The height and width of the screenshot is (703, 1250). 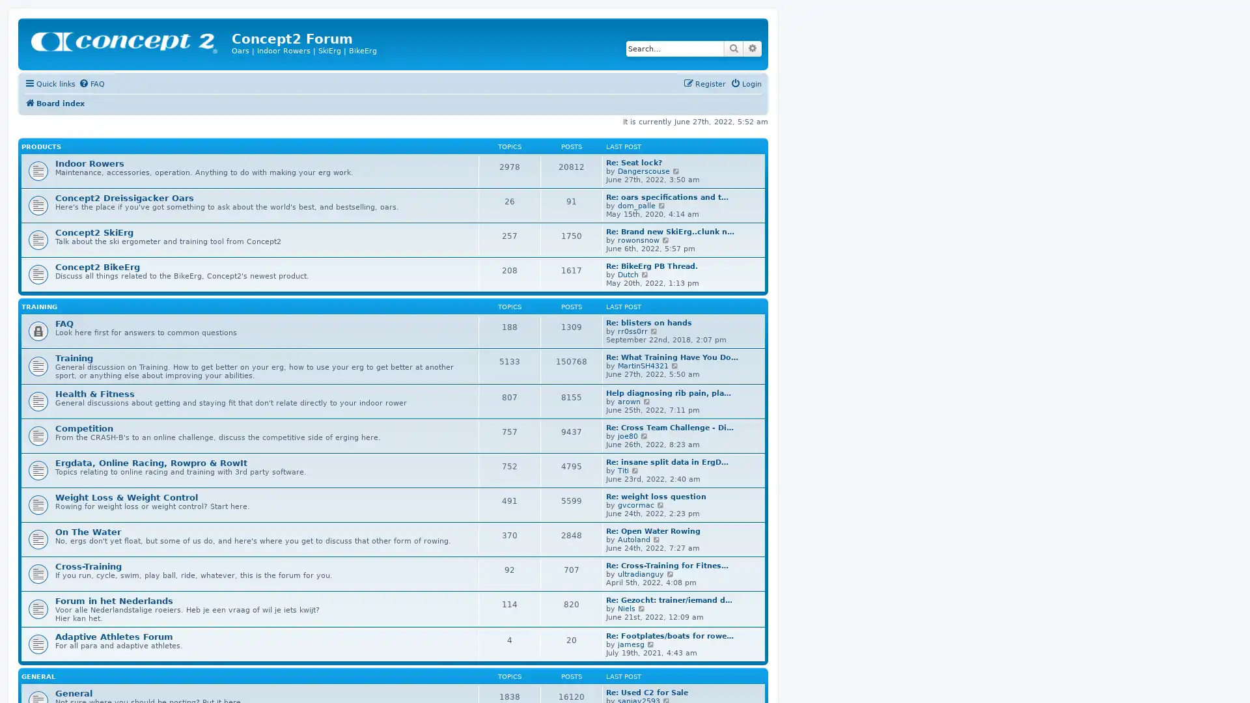 What do you see at coordinates (734, 48) in the screenshot?
I see `Search` at bounding box center [734, 48].